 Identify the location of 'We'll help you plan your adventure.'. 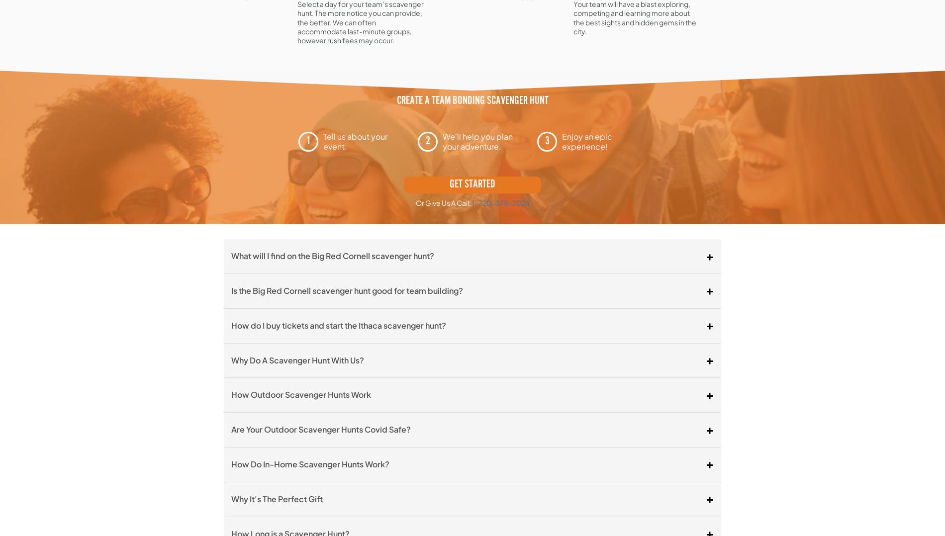
(477, 141).